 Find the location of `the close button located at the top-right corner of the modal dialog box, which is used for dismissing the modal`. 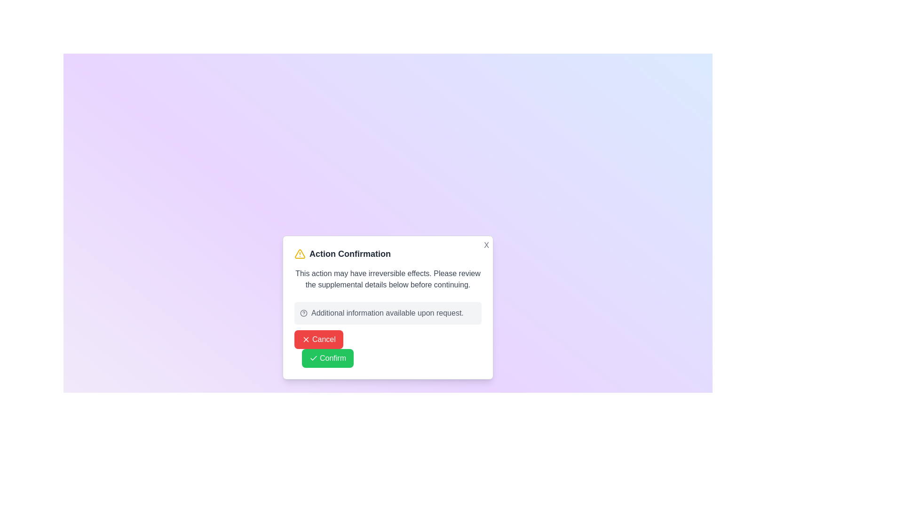

the close button located at the top-right corner of the modal dialog box, which is used for dismissing the modal is located at coordinates (486, 245).